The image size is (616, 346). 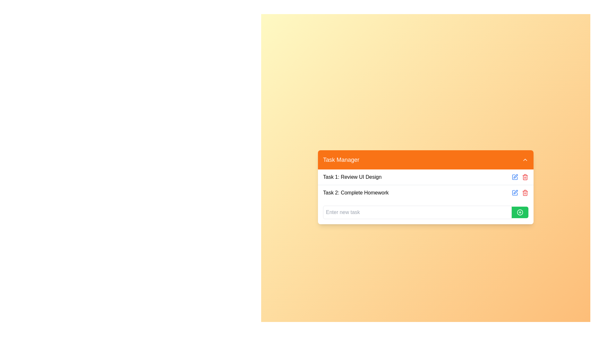 What do you see at coordinates (515, 192) in the screenshot?
I see `the edit icon located in the action bar of the second task in the Task Manager` at bounding box center [515, 192].